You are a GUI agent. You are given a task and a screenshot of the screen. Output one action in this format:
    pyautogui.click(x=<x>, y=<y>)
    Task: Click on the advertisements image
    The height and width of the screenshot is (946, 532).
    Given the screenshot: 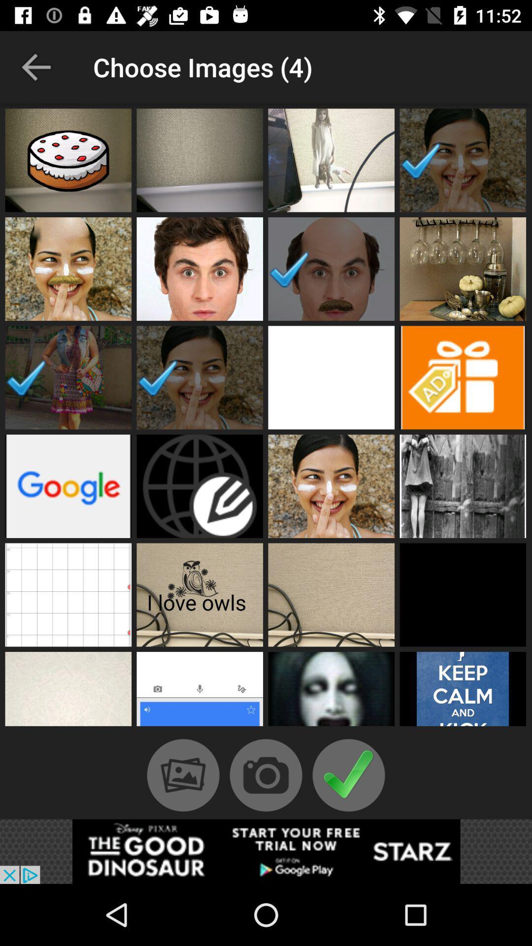 What is the action you would take?
    pyautogui.click(x=463, y=377)
    